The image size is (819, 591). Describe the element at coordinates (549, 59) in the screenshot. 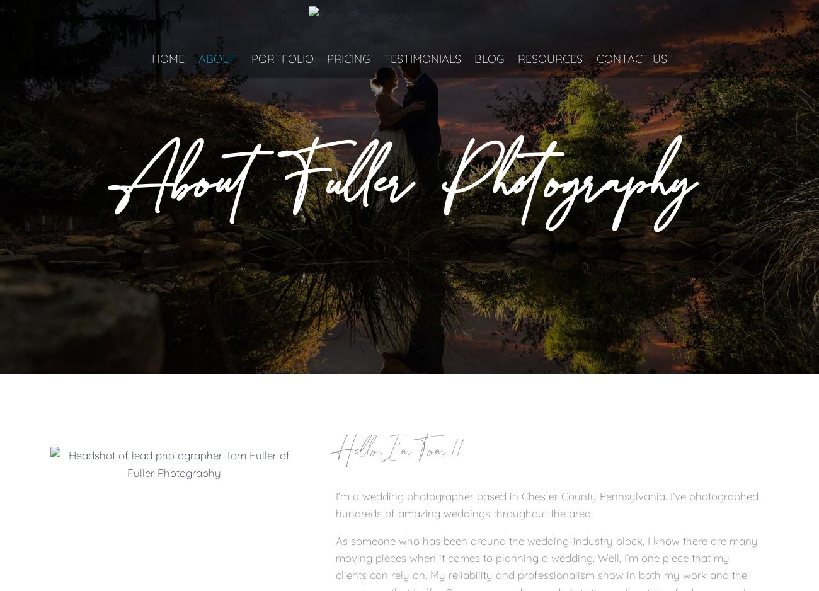

I see `'Resources'` at that location.